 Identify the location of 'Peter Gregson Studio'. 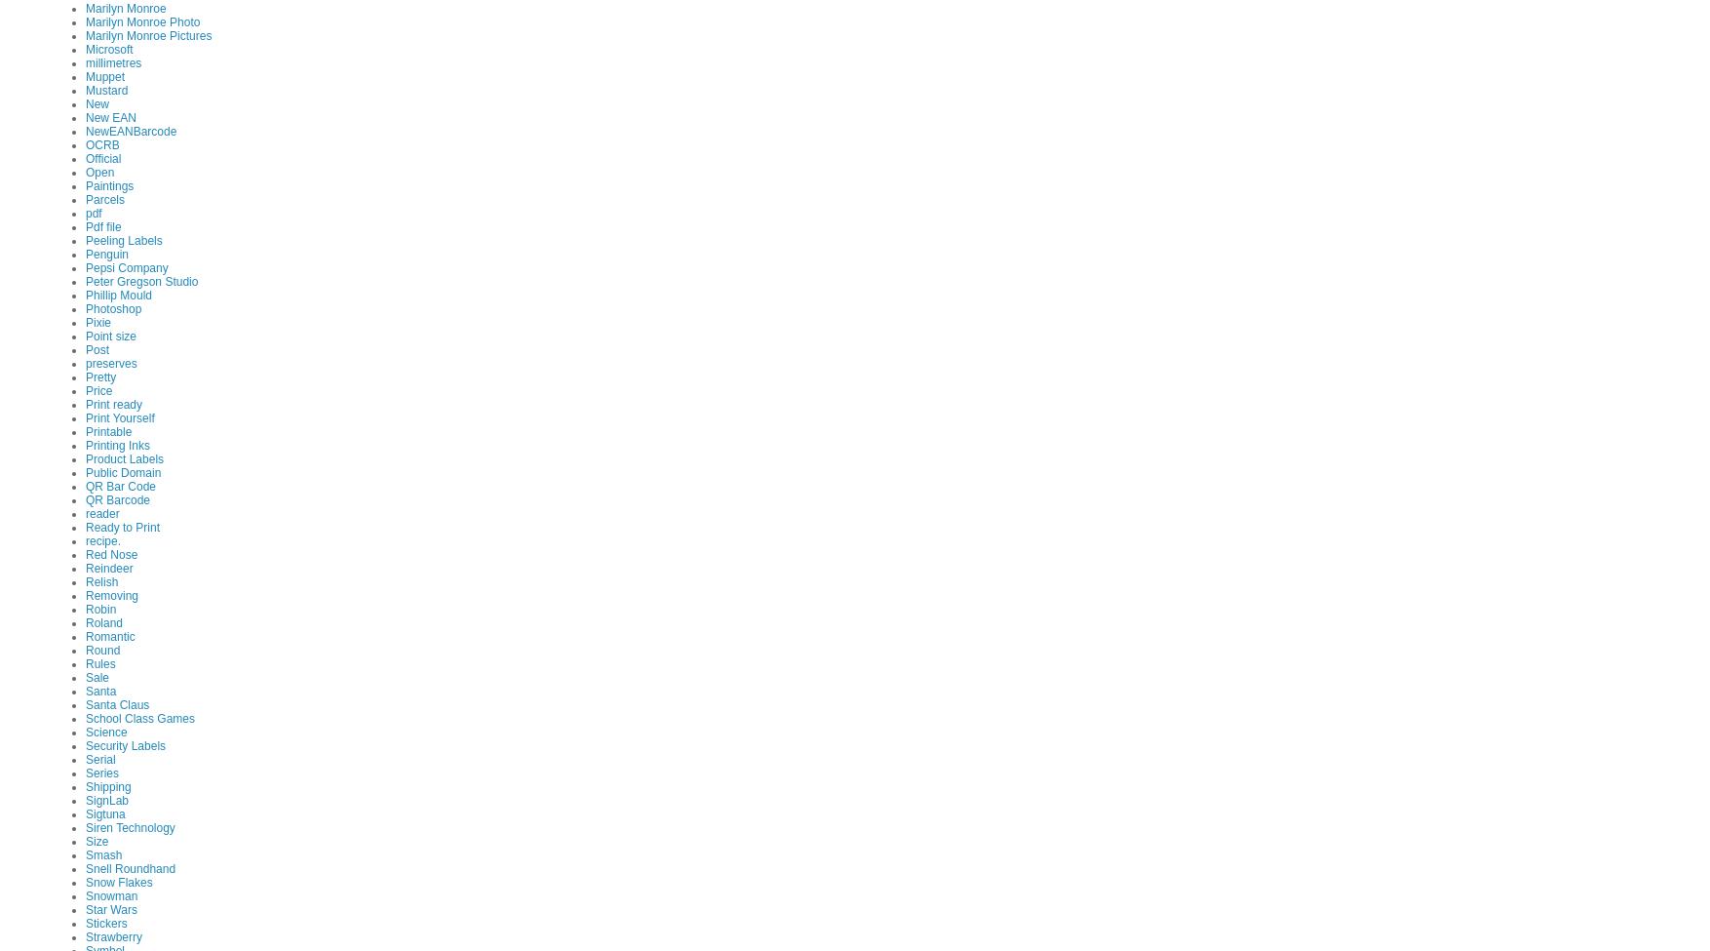
(140, 281).